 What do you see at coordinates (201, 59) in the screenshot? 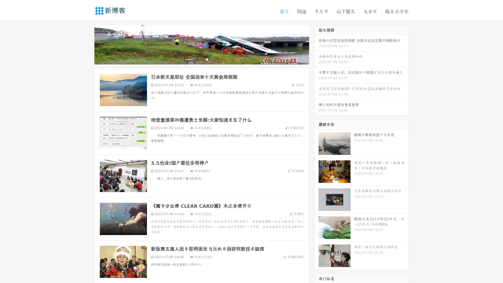
I see `Go to slide 2` at bounding box center [201, 59].